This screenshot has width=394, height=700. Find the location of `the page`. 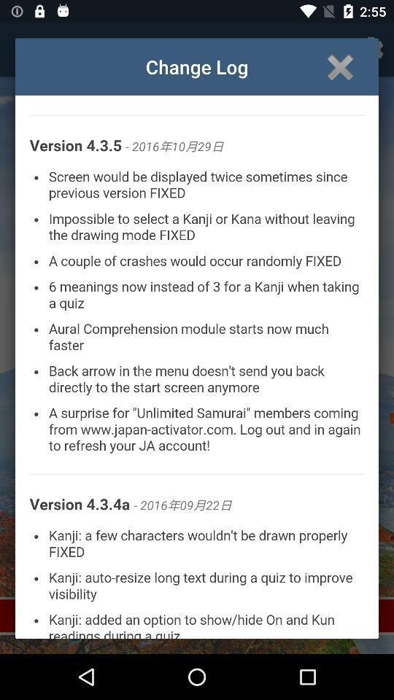

the page is located at coordinates (340, 66).